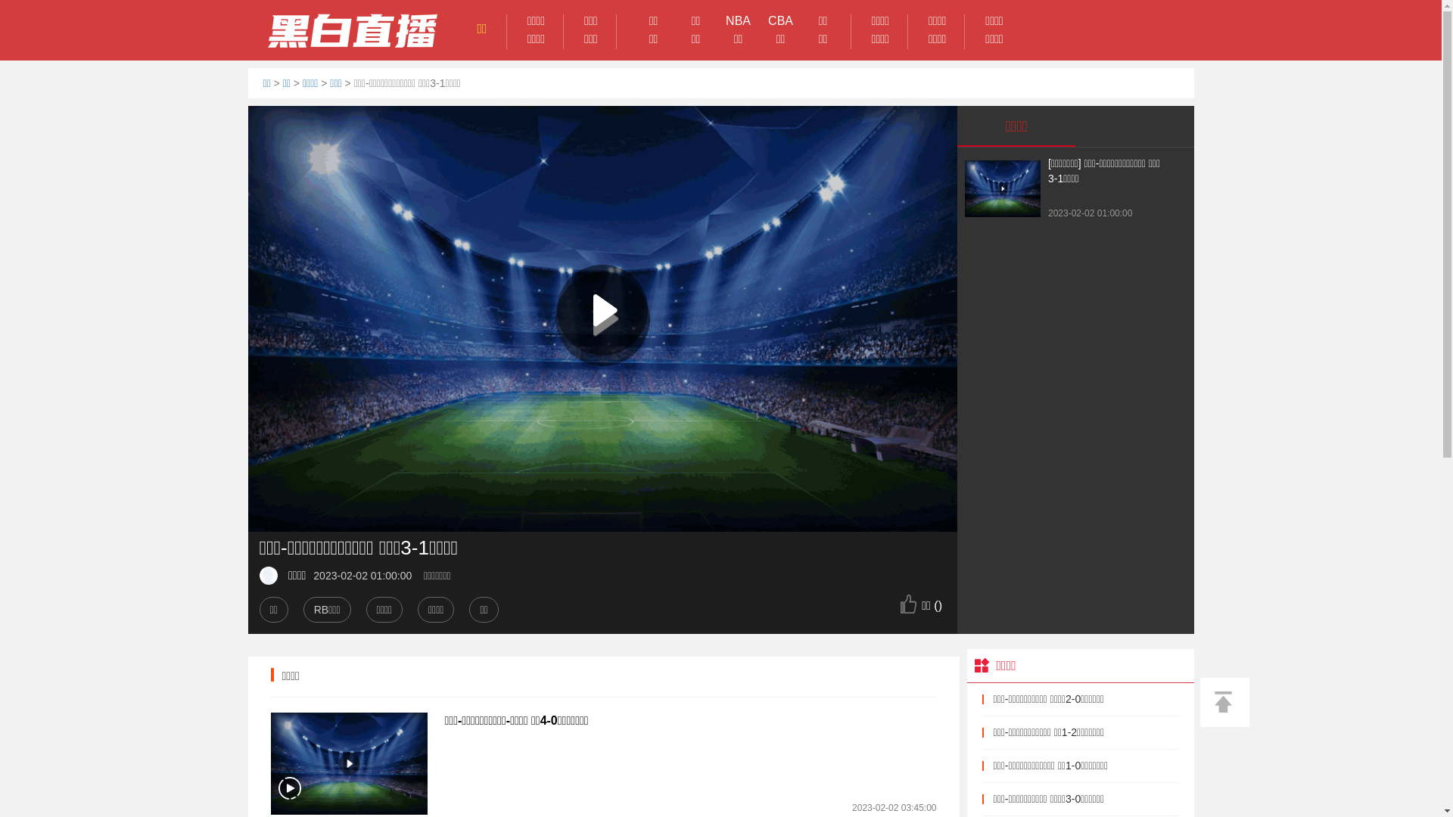 This screenshot has height=817, width=1453. What do you see at coordinates (717, 20) in the screenshot?
I see `'NBA'` at bounding box center [717, 20].